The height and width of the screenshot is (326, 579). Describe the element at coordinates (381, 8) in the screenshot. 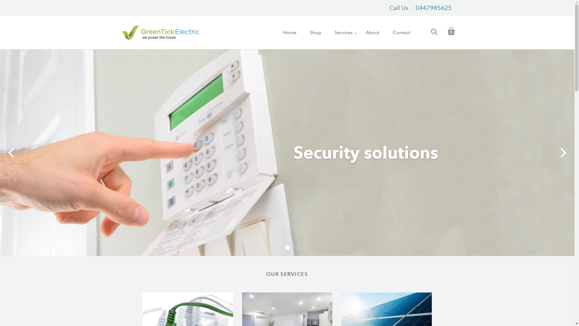

I see `'Call Us0447985625'` at that location.